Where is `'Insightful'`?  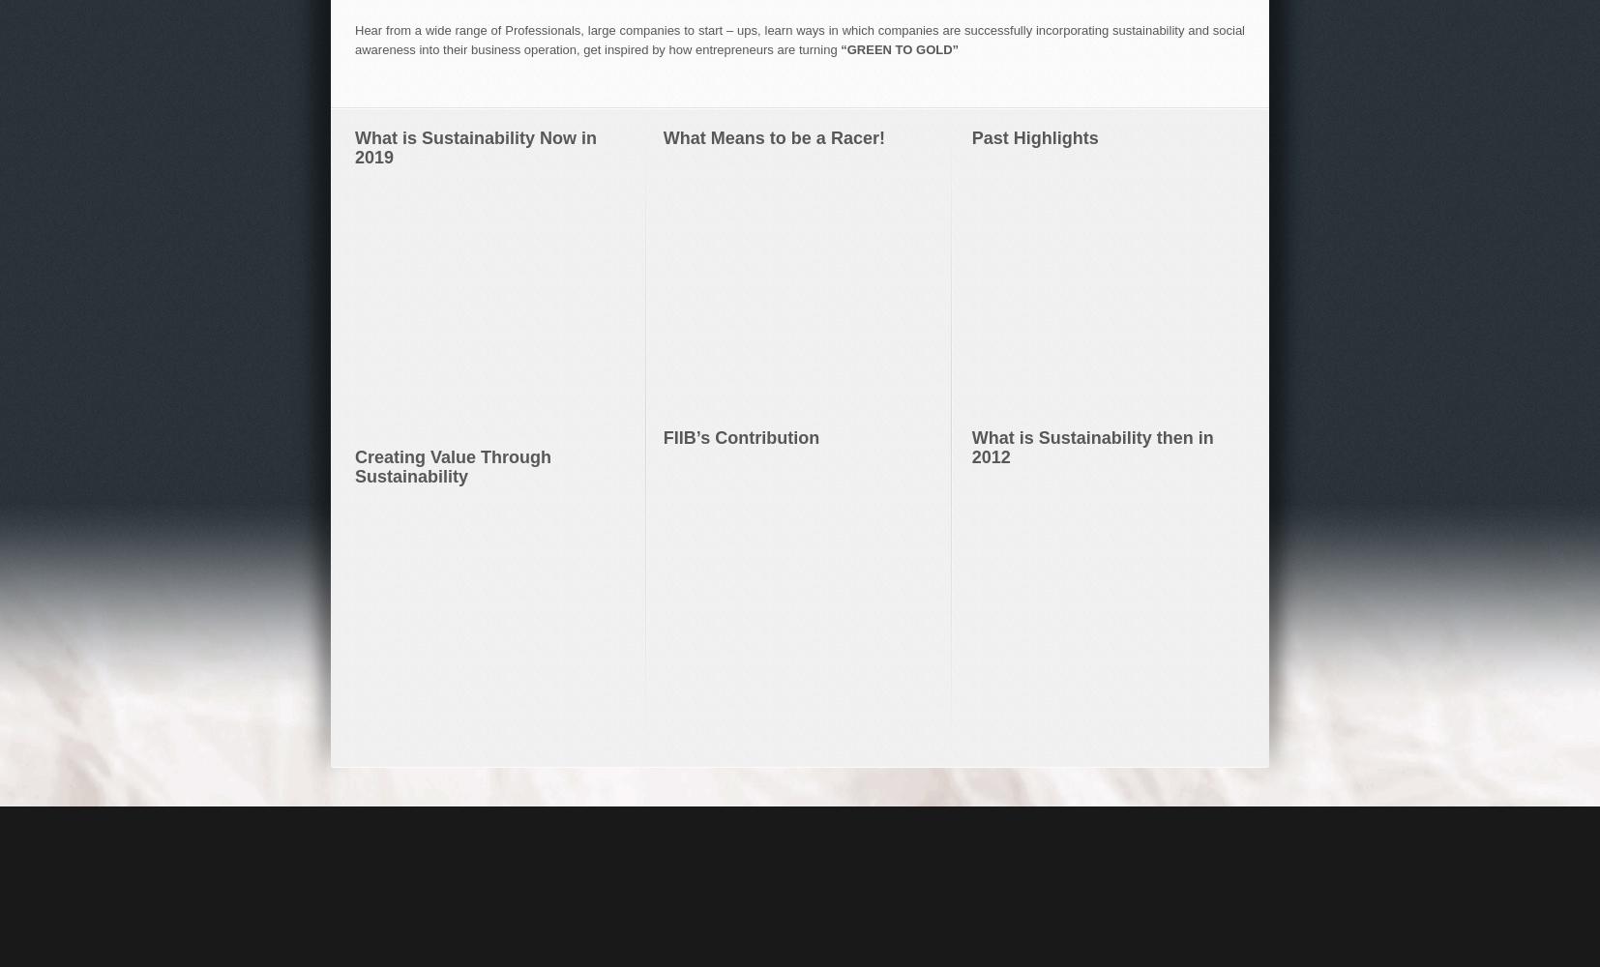
'Insightful' is located at coordinates (458, 41).